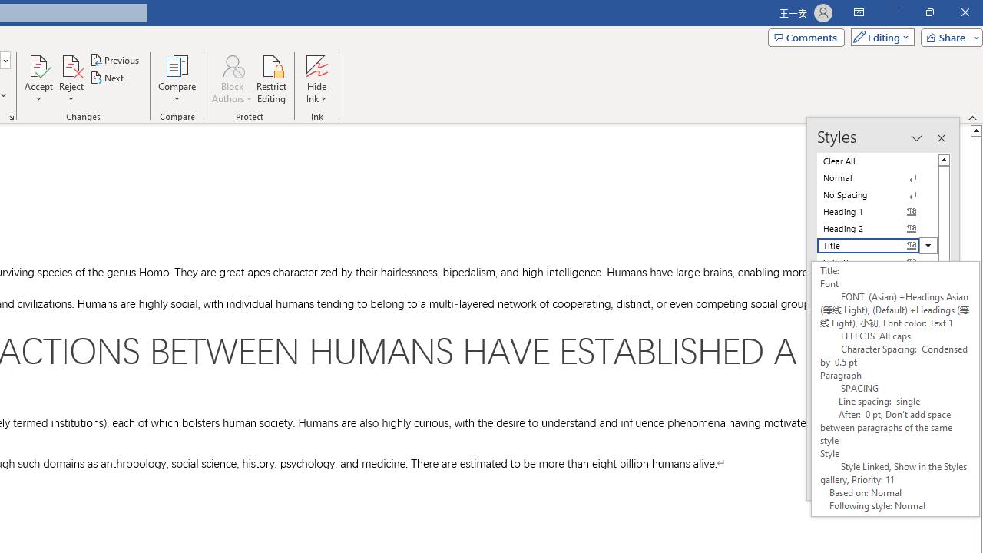 This screenshot has width=983, height=553. What do you see at coordinates (231, 65) in the screenshot?
I see `'Block Authors'` at bounding box center [231, 65].